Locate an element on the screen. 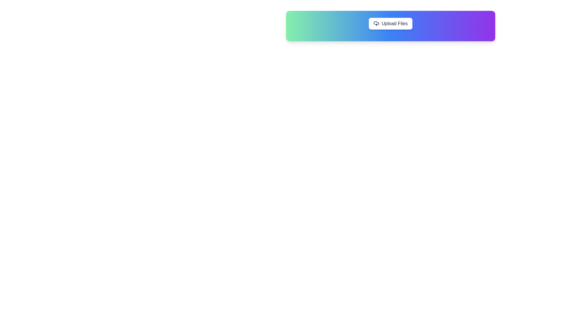  the cloud-shaped upload icon located to the left of the 'Upload Files' button, which has a minimalist design with a black stroke outline is located at coordinates (376, 23).